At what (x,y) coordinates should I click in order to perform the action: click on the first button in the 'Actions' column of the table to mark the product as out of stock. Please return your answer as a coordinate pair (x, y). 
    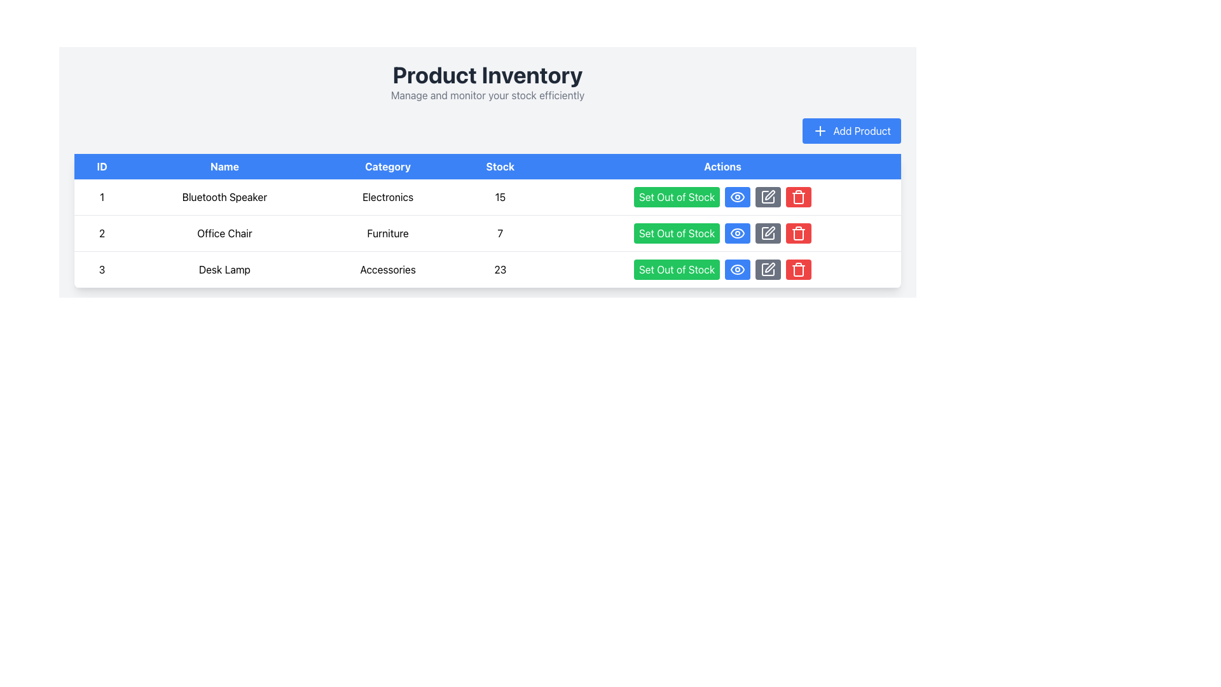
    Looking at the image, I should click on (676, 197).